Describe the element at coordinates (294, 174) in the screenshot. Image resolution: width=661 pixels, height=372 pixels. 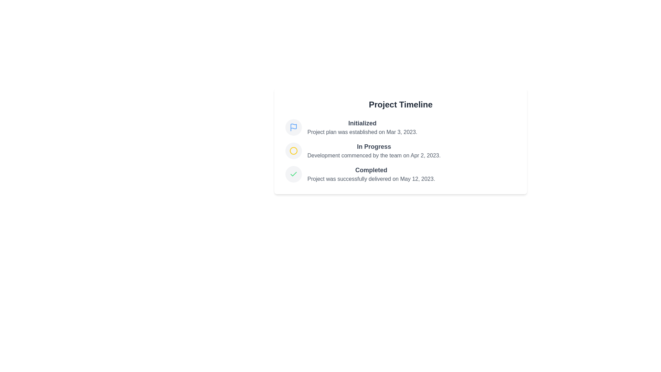
I see `the checkmark icon indicating a completed status in the timeline, located next to the 'Completed' status text` at that location.